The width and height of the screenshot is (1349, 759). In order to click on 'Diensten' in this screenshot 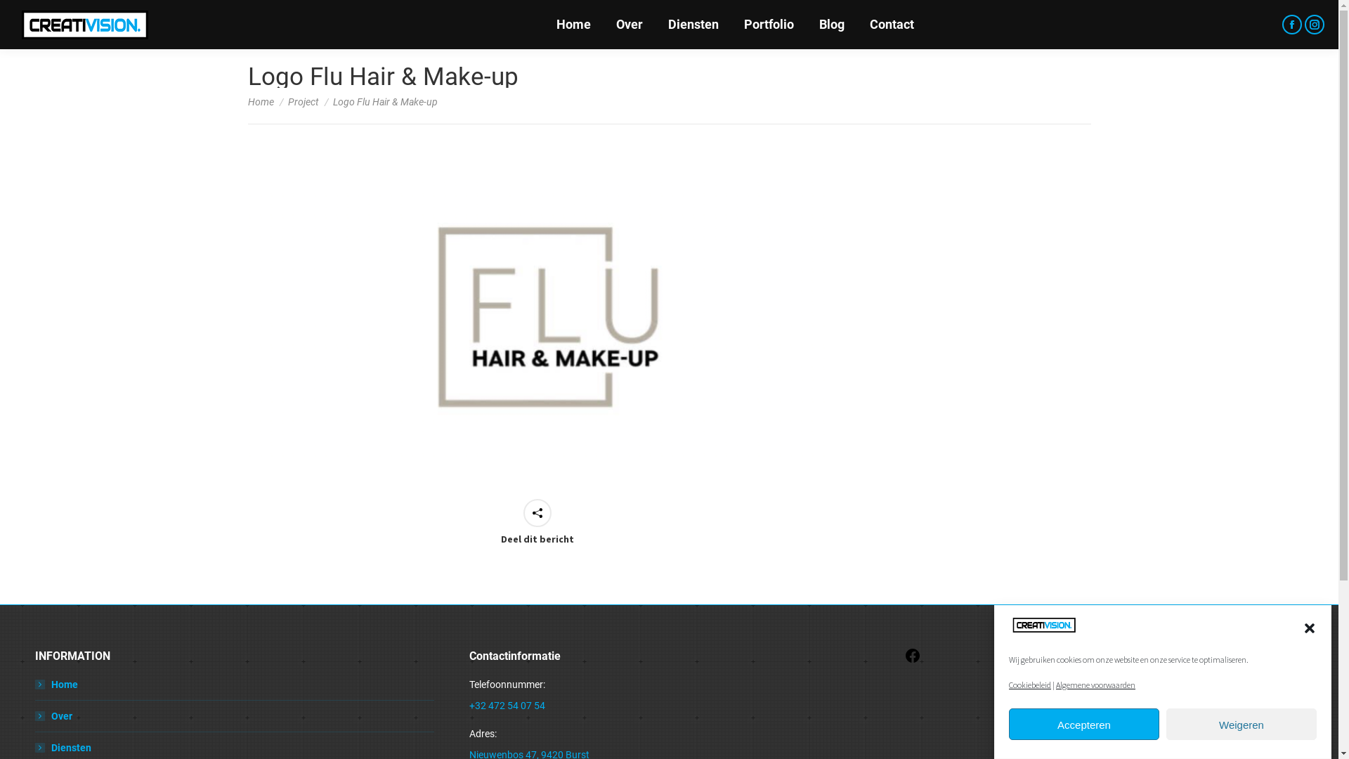, I will do `click(692, 24)`.